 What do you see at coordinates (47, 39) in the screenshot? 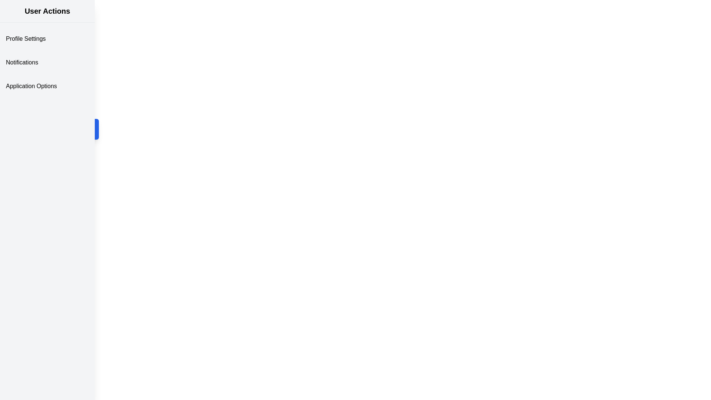
I see `the menu item Profile Settings to interact with it` at bounding box center [47, 39].